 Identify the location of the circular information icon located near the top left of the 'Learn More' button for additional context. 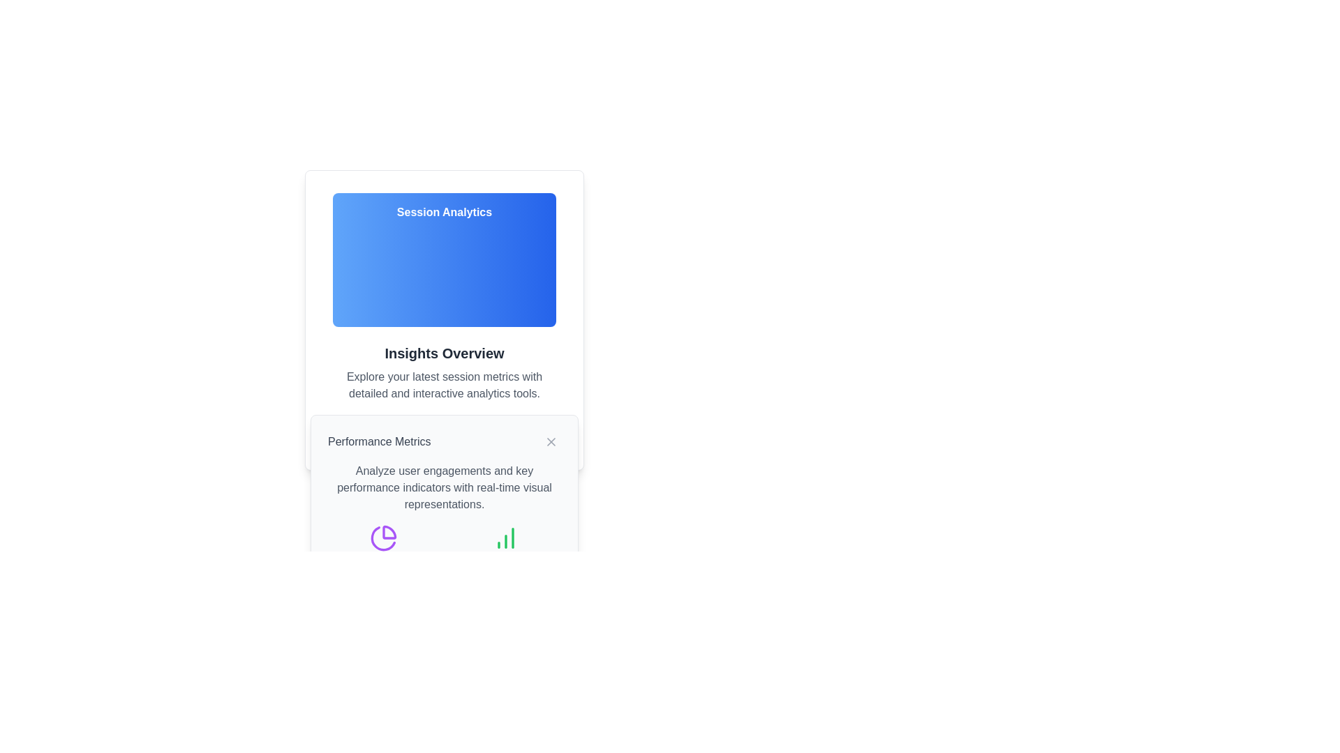
(410, 432).